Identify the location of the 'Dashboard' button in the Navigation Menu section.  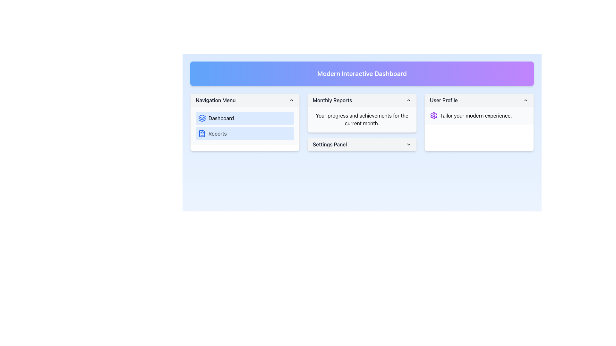
(244, 118).